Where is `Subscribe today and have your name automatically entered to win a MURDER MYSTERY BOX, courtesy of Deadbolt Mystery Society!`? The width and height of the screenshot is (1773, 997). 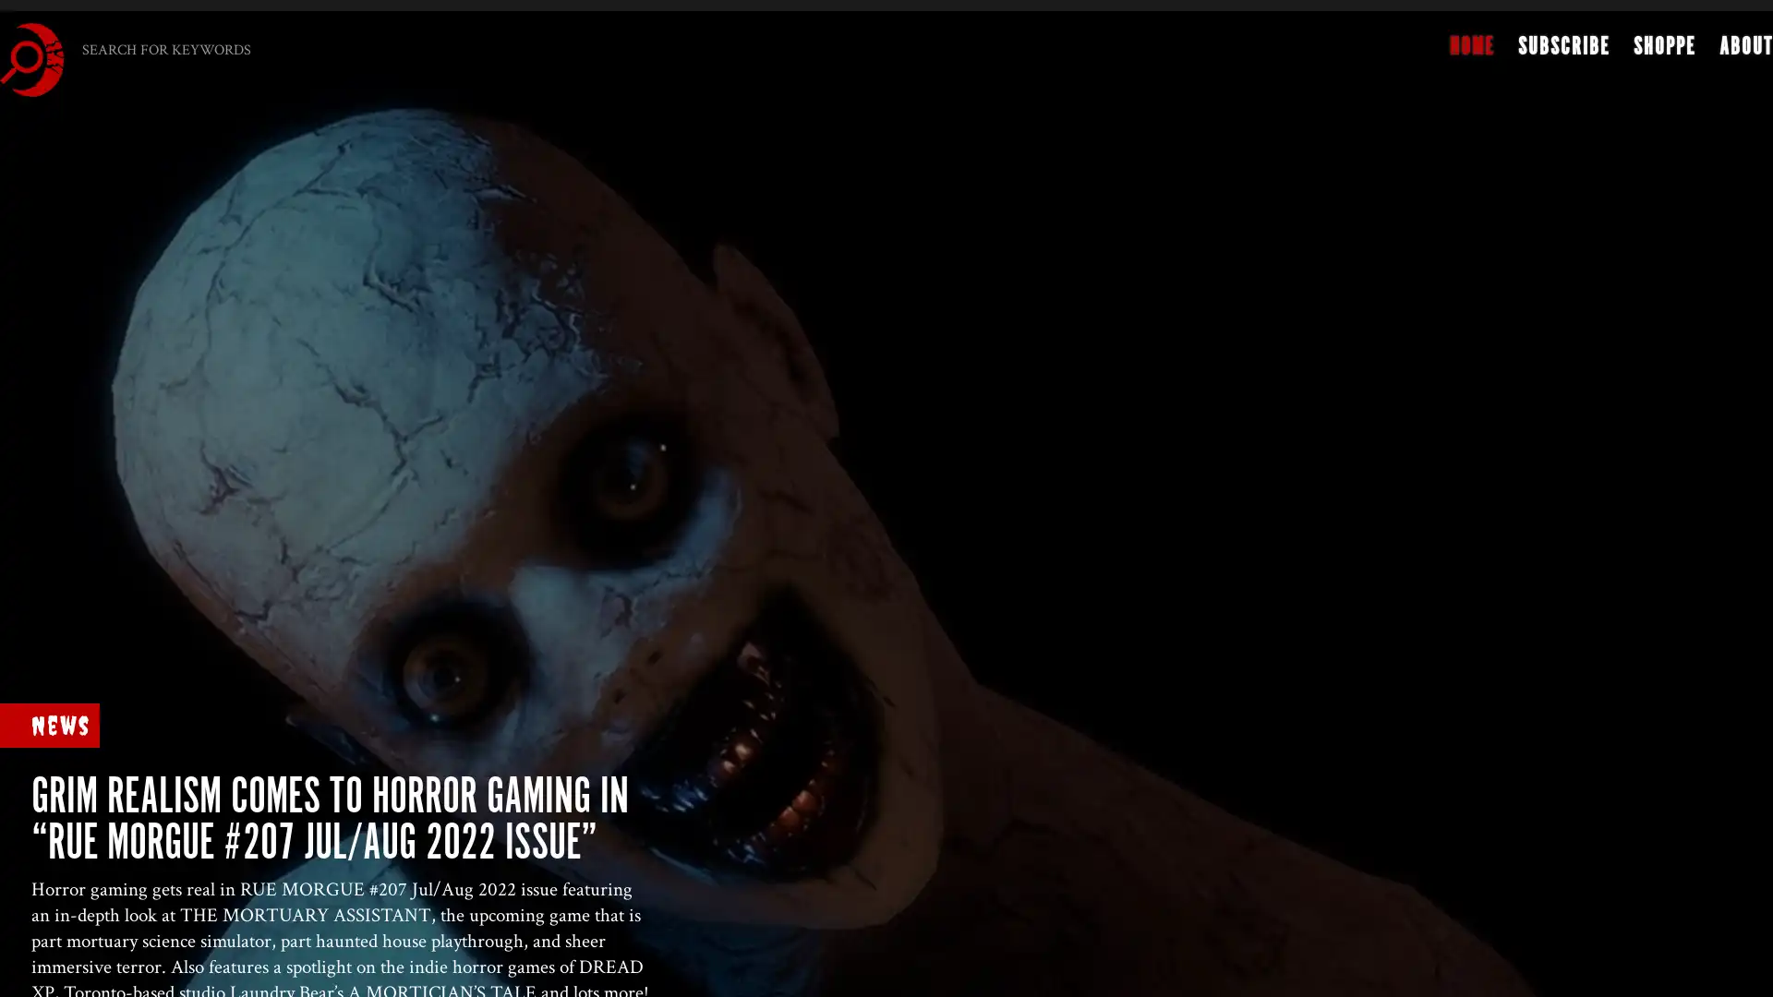 Subscribe today and have your name automatically entered to win a MURDER MYSTERY BOX, courtesy of Deadbolt Mystery Society! is located at coordinates (776, 384).